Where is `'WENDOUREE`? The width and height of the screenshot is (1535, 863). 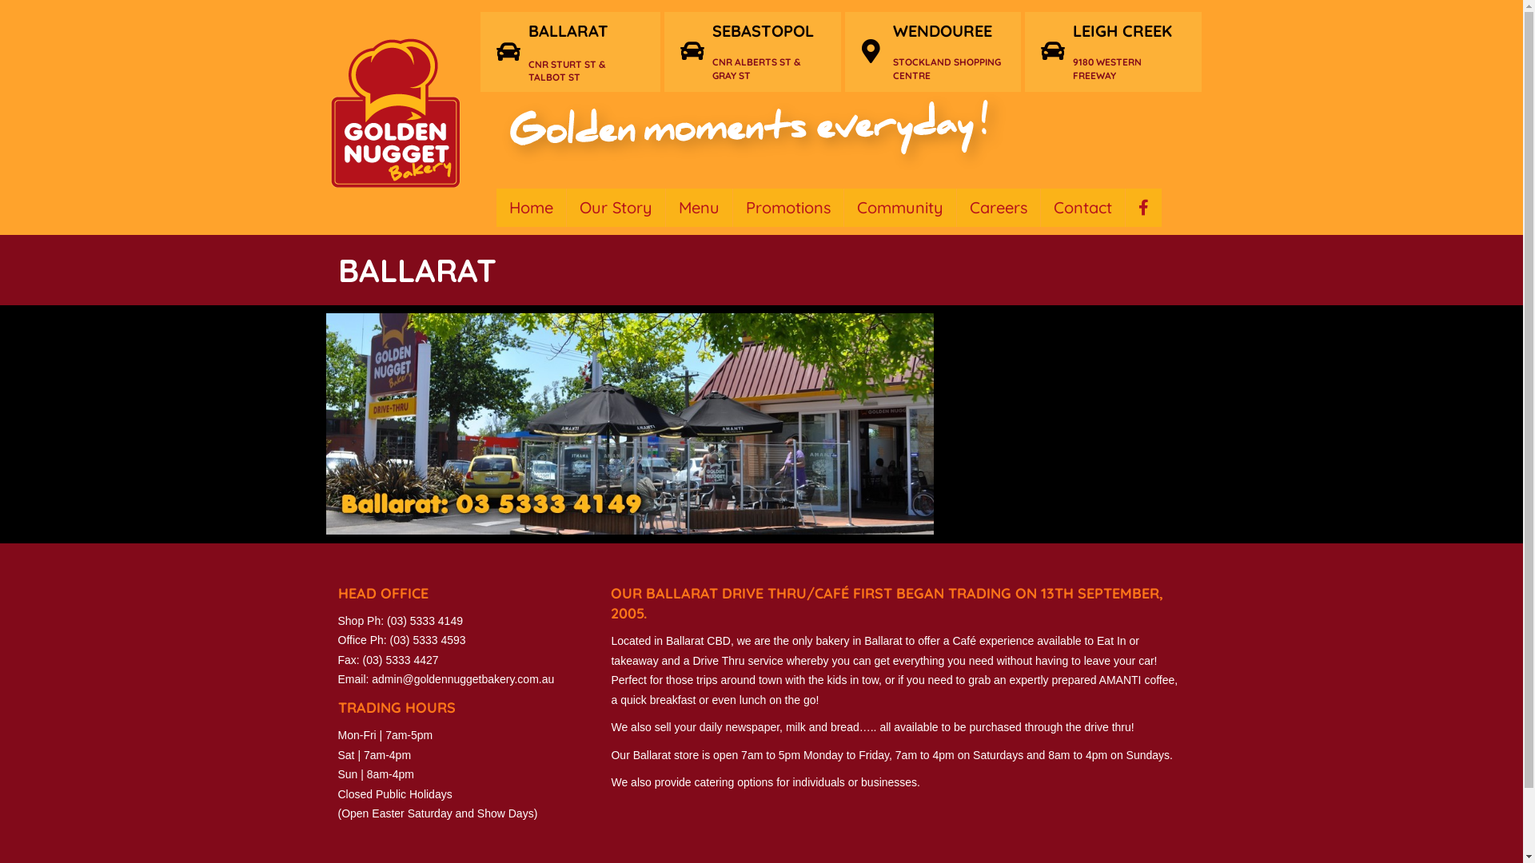 'WENDOUREE is located at coordinates (948, 50).